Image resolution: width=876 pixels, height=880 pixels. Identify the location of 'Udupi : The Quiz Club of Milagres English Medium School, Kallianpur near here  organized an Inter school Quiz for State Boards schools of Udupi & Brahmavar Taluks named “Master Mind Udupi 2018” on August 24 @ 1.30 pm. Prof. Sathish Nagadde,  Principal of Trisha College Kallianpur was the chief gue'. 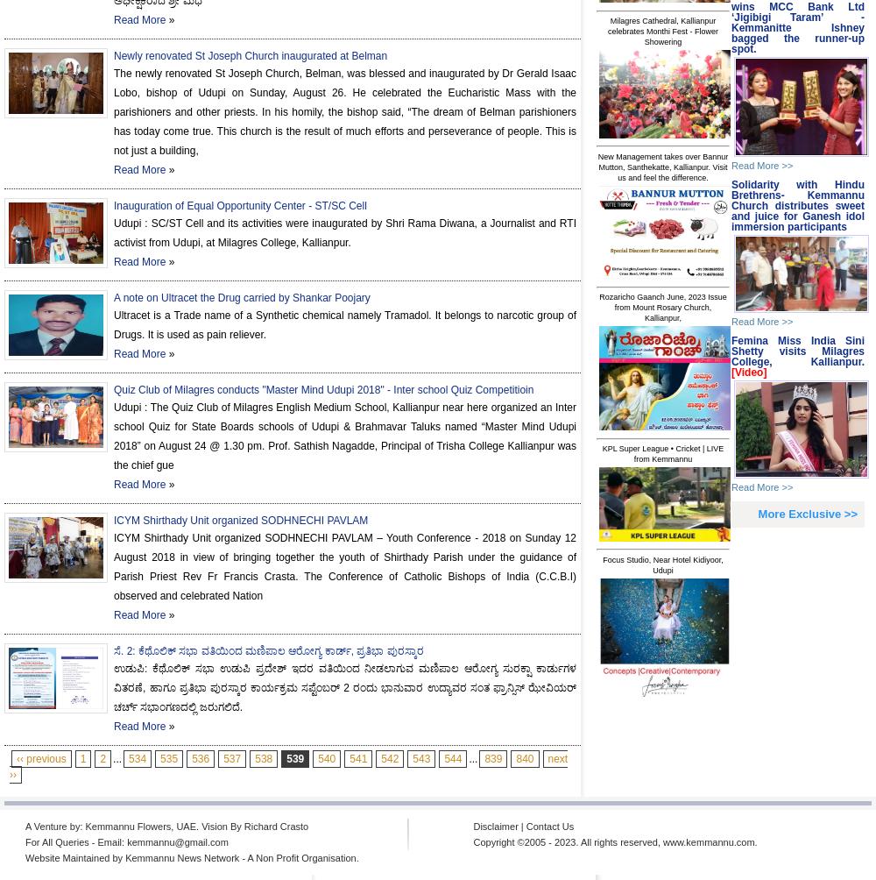
(345, 435).